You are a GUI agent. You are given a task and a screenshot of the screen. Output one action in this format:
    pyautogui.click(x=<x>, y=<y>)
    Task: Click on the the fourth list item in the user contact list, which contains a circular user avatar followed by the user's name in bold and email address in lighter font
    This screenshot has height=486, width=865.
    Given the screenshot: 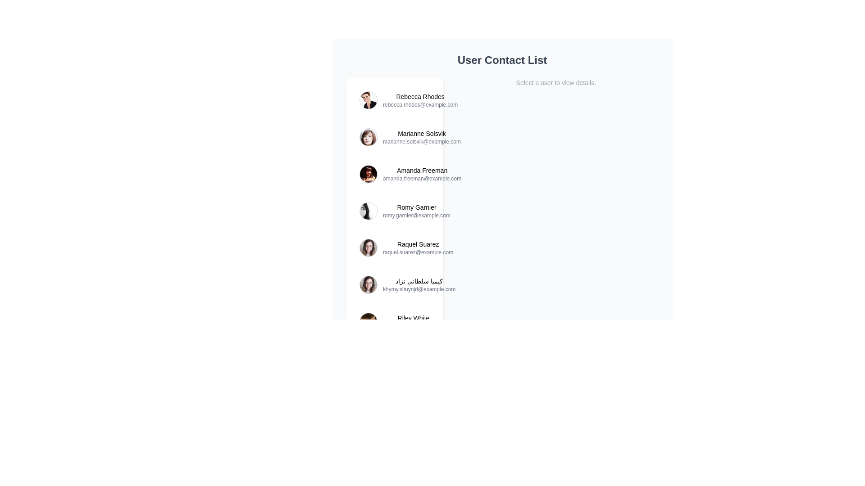 What is the action you would take?
    pyautogui.click(x=395, y=211)
    